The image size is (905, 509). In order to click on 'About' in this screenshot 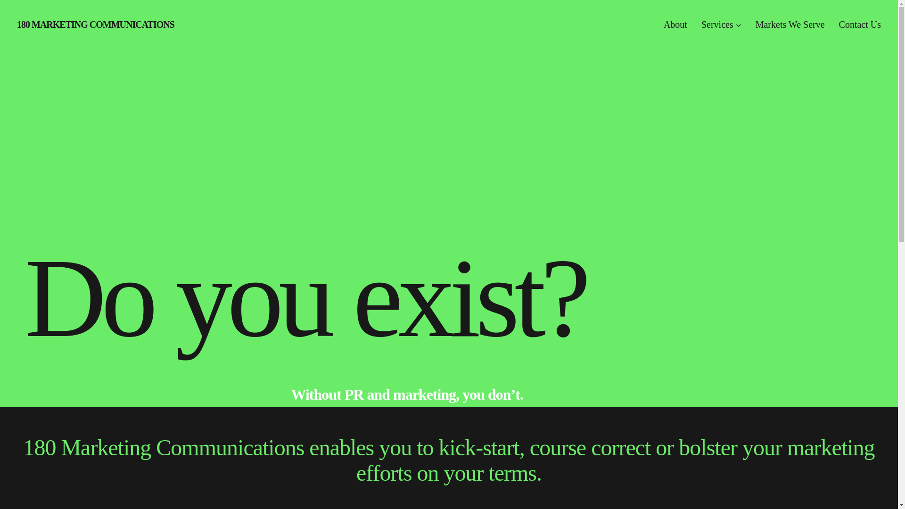, I will do `click(675, 24)`.